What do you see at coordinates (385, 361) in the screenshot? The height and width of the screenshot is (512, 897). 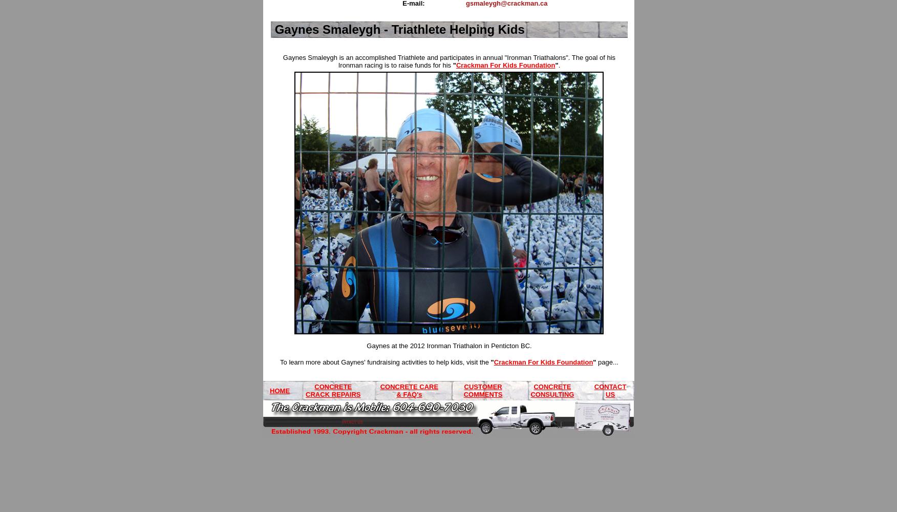 I see `'To learn more about Gaynes' fundraising activities to help kids, 
                visit the'` at bounding box center [385, 361].